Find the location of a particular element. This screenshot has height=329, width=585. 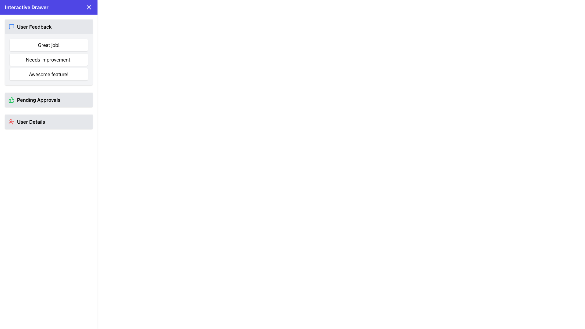

the 'User Feedback' icon located in the upper section of the 'Interactive Drawer' sidebar, which is visually denoting the 'User Feedback' section is located at coordinates (12, 27).